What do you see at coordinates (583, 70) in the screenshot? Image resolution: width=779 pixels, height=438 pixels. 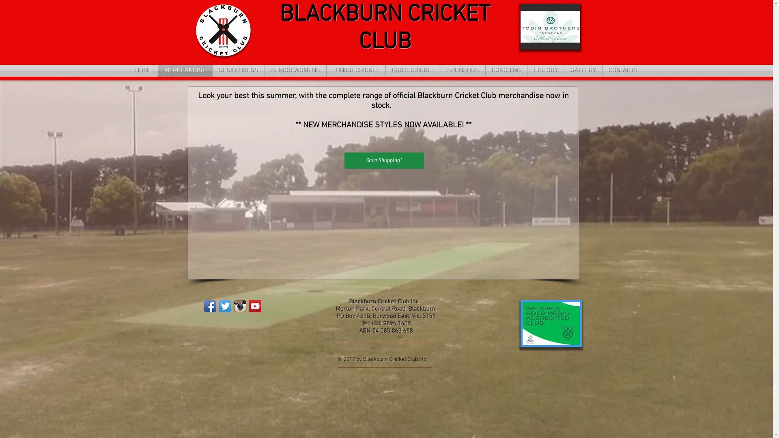 I see `'GALLERY'` at bounding box center [583, 70].